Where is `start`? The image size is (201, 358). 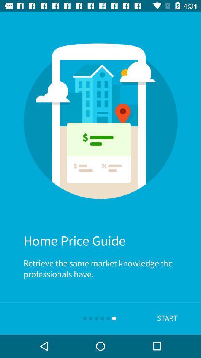 start is located at coordinates (167, 318).